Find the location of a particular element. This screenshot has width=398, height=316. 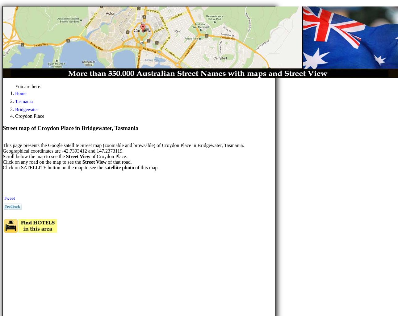

'Click on SATELLITE button on the map to see the' is located at coordinates (53, 167).